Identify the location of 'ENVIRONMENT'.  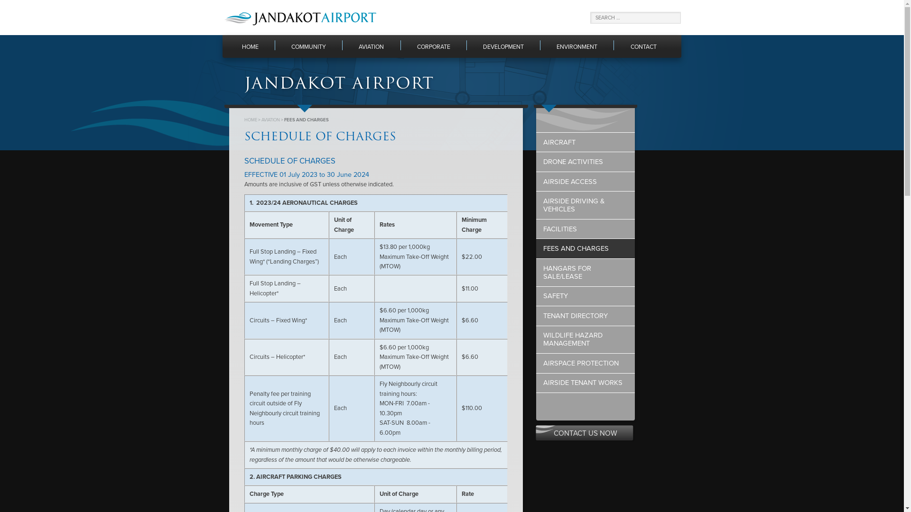
(576, 46).